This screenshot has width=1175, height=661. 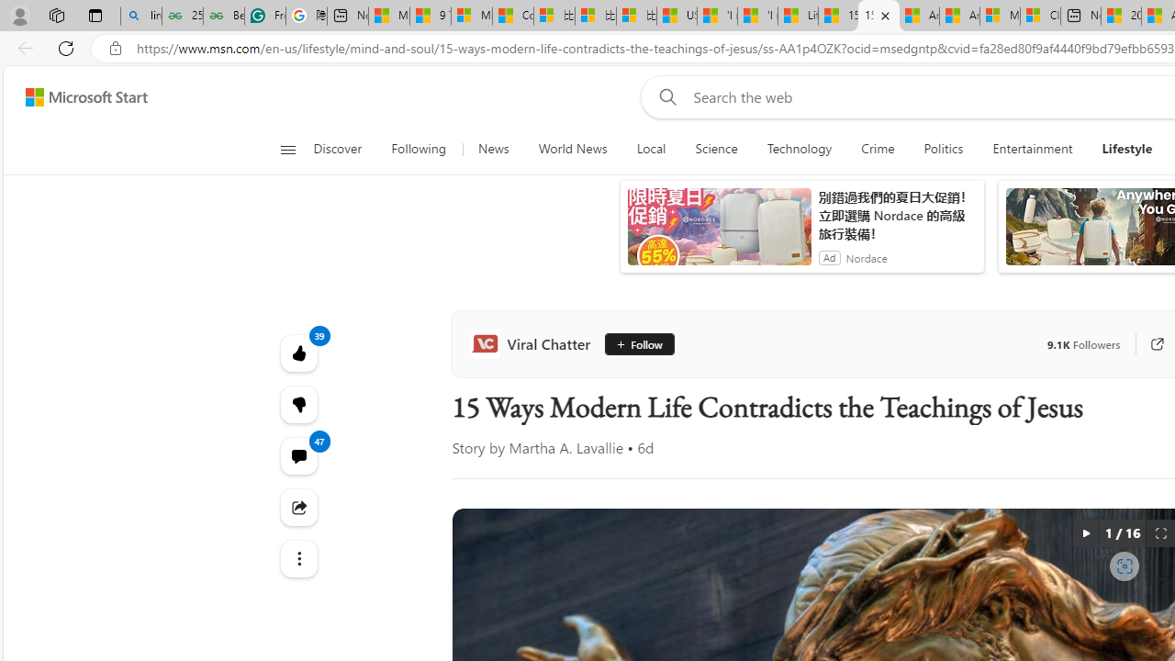 I want to click on 'Cloud Computing Services | Microsoft Azure', so click(x=1040, y=16).